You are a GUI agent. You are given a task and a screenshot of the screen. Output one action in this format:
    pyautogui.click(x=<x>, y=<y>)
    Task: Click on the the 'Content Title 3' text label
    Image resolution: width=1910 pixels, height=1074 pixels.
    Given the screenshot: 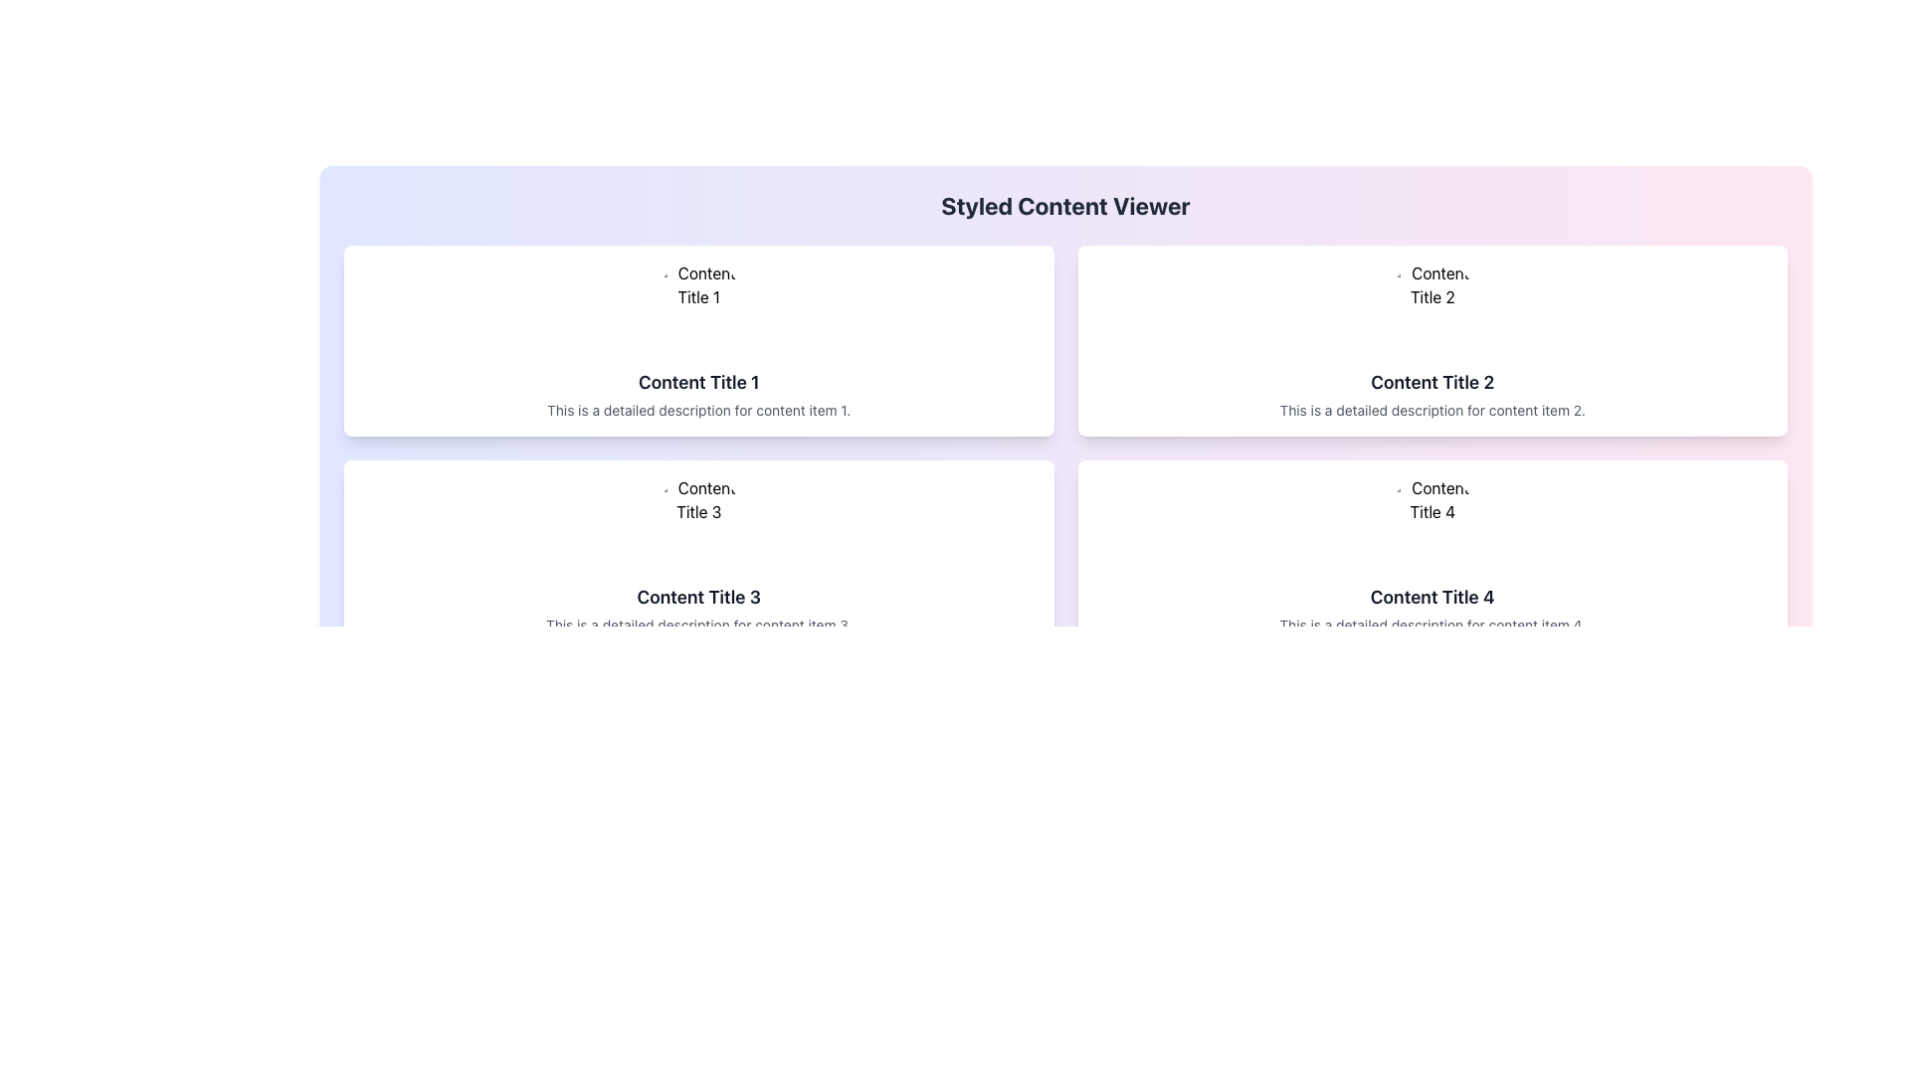 What is the action you would take?
    pyautogui.click(x=698, y=597)
    